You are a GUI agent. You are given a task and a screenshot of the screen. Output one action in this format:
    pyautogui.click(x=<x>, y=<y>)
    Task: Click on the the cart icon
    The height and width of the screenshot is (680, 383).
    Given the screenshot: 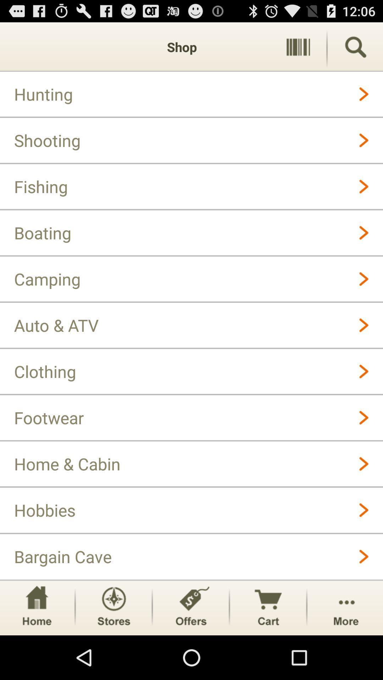 What is the action you would take?
    pyautogui.click(x=268, y=650)
    